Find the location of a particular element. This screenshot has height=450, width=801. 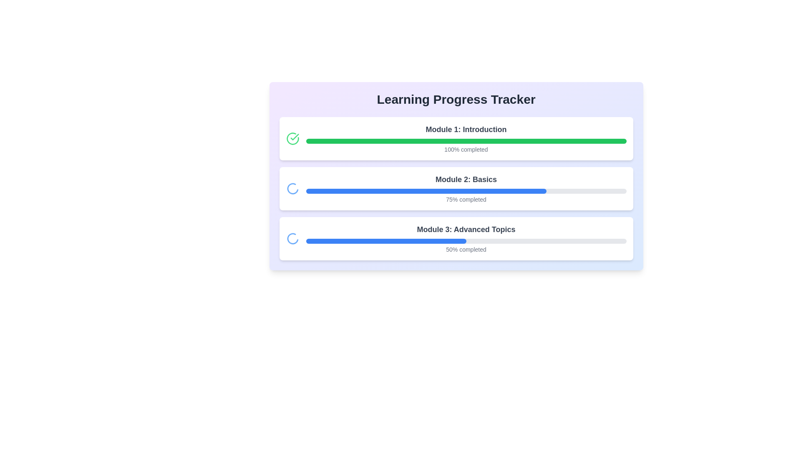

the text label displaying 'Module 1: Introduction', which is styled with a larger font size and bold weight, located at the top of the progress indicator section in the learning progress tracker interface is located at coordinates (466, 130).